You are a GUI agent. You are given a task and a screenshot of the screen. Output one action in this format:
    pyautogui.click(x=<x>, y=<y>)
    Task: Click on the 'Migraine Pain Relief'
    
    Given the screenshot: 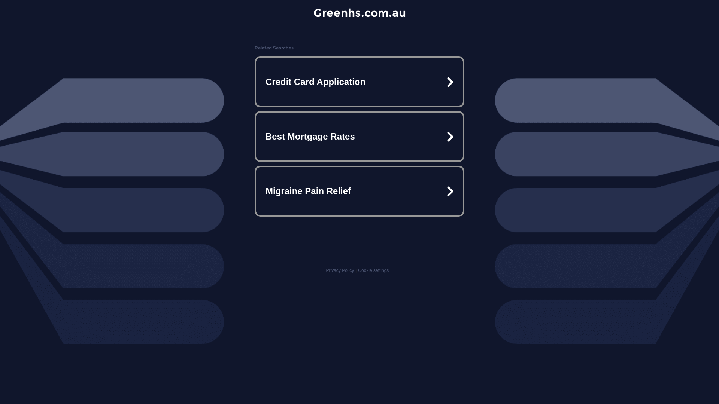 What is the action you would take?
    pyautogui.click(x=359, y=190)
    